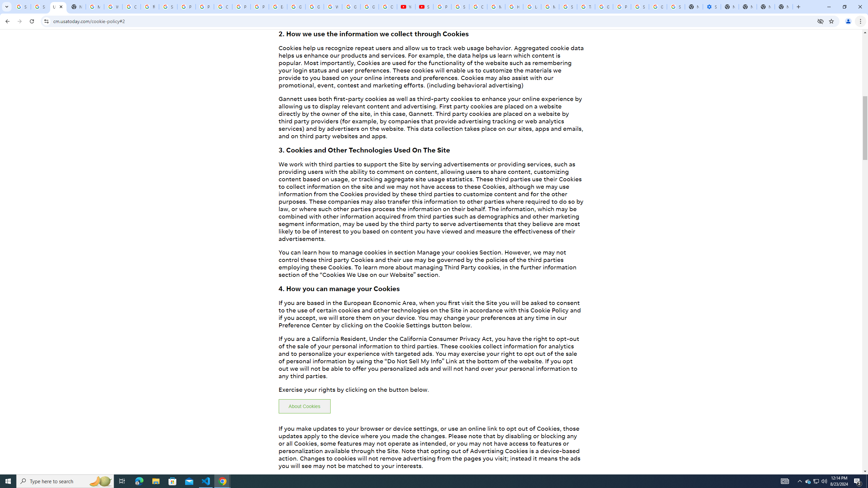  Describe the element at coordinates (406, 6) in the screenshot. I see `'YouTube'` at that location.